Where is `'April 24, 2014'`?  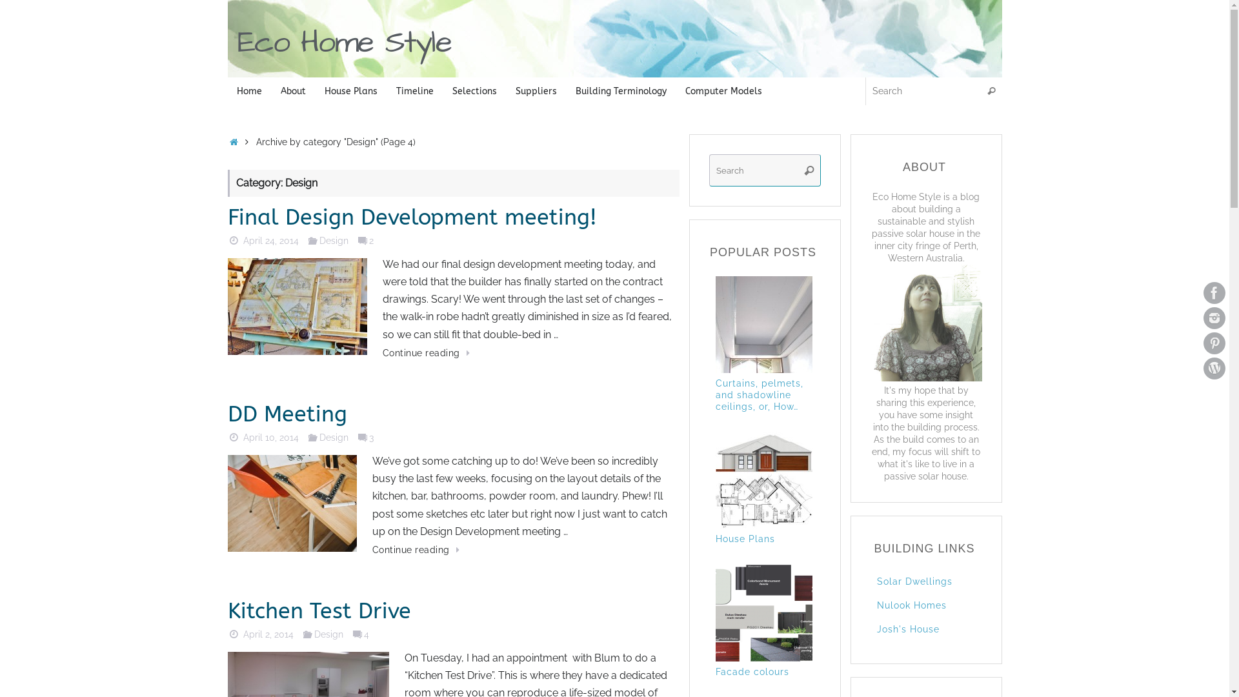
'April 24, 2014' is located at coordinates (243, 240).